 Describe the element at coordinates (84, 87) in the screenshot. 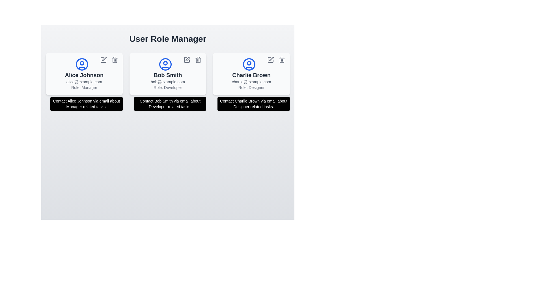

I see `the static text element displaying 'Role: Manager', which is styled in gray and located within a card structure, positioned below the name 'Alice Johnson' and the email 'alice@example.com'` at that location.